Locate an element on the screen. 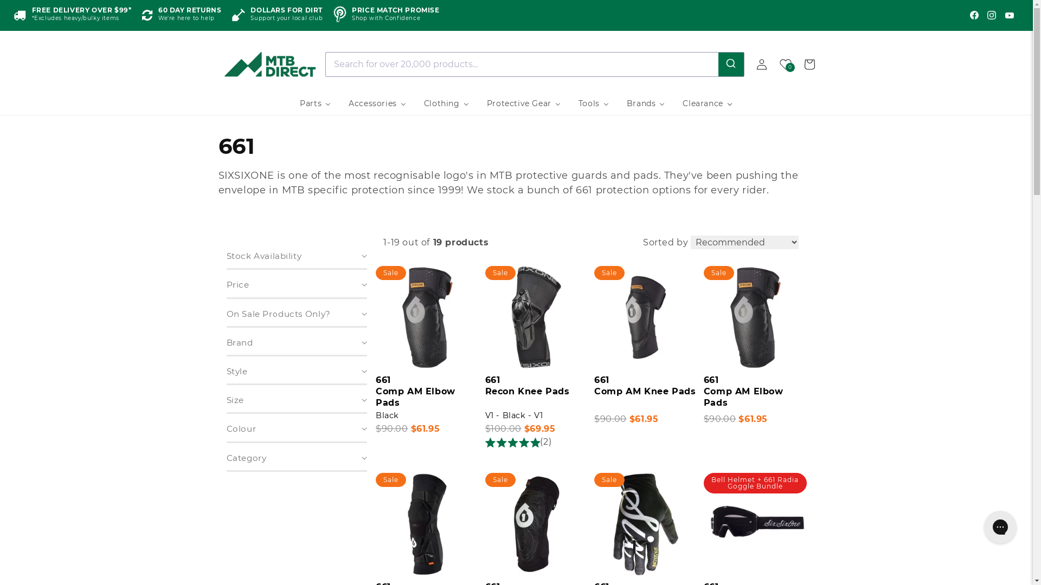 The width and height of the screenshot is (1041, 585). '661 is located at coordinates (754, 392).